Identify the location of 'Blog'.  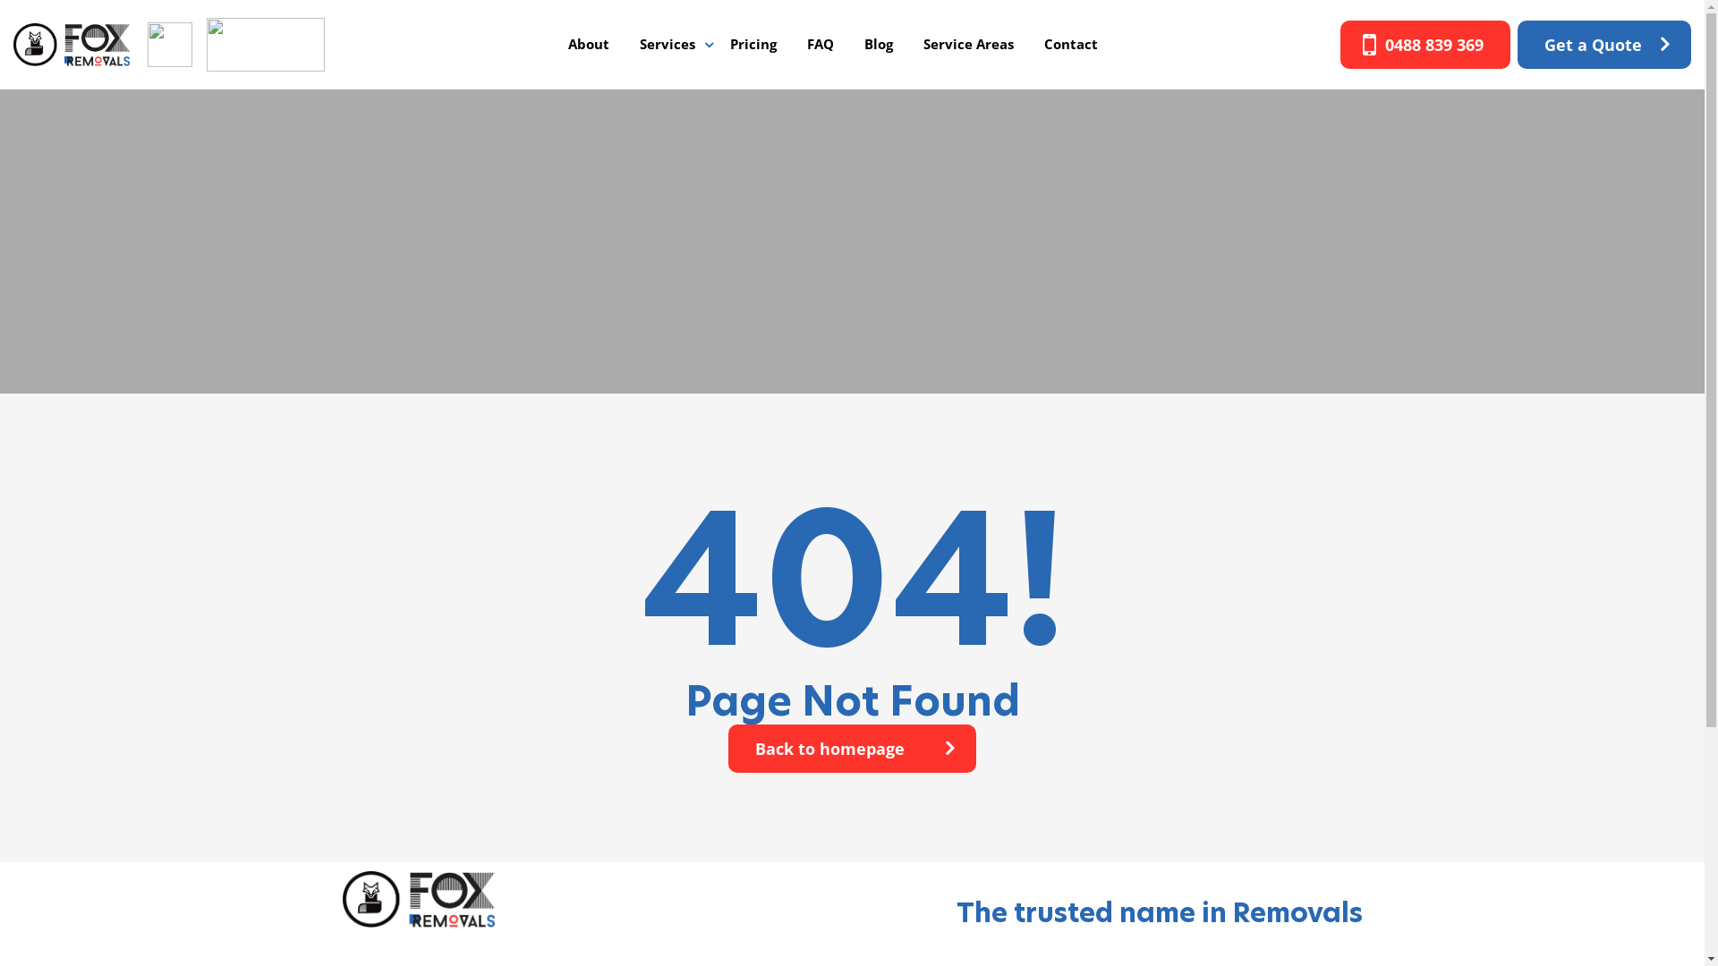
(879, 43).